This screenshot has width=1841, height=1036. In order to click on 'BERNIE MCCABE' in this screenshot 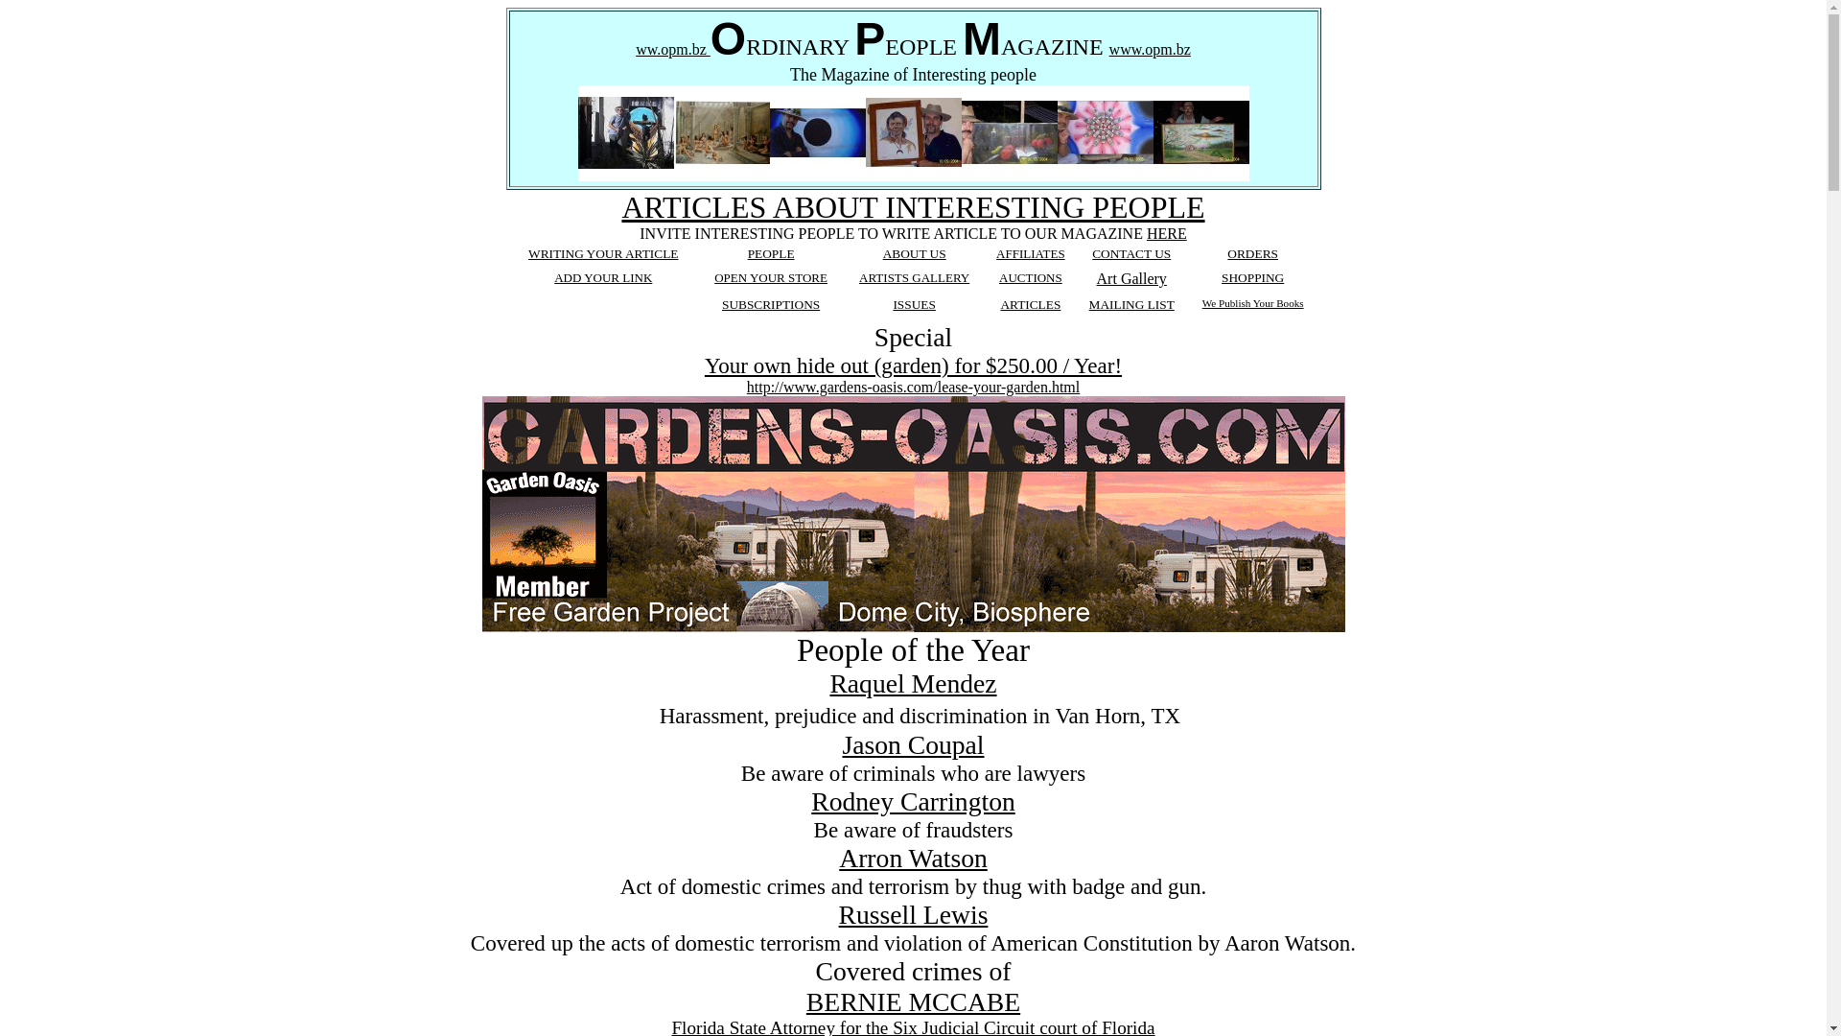, I will do `click(805, 1001)`.